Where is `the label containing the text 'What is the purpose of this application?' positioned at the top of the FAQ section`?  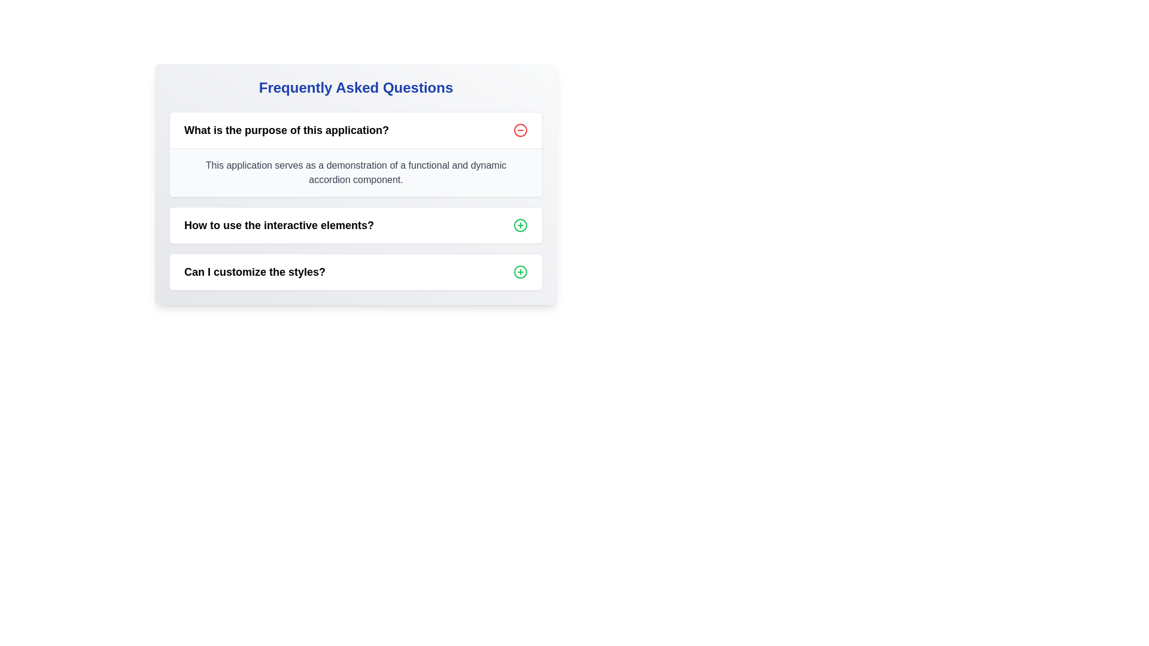 the label containing the text 'What is the purpose of this application?' positioned at the top of the FAQ section is located at coordinates (286, 130).